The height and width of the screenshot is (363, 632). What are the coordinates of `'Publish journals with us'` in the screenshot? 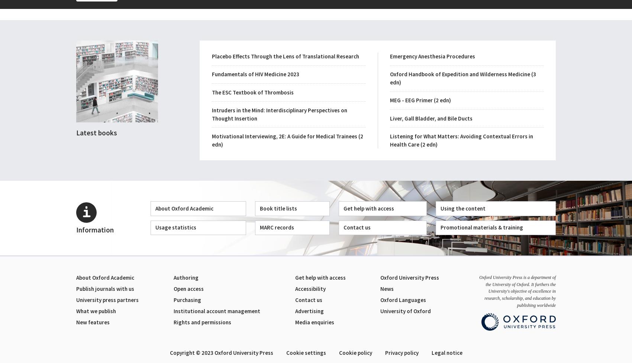 It's located at (105, 289).